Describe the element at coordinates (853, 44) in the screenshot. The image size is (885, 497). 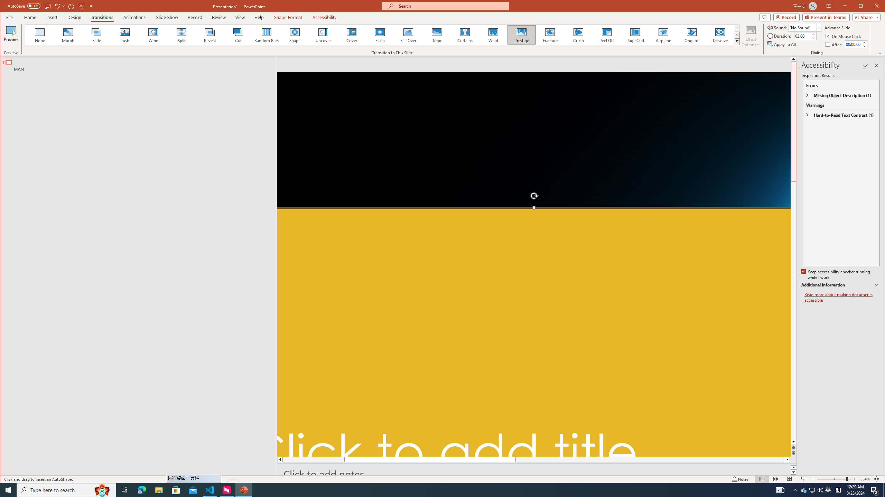
I see `'After'` at that location.